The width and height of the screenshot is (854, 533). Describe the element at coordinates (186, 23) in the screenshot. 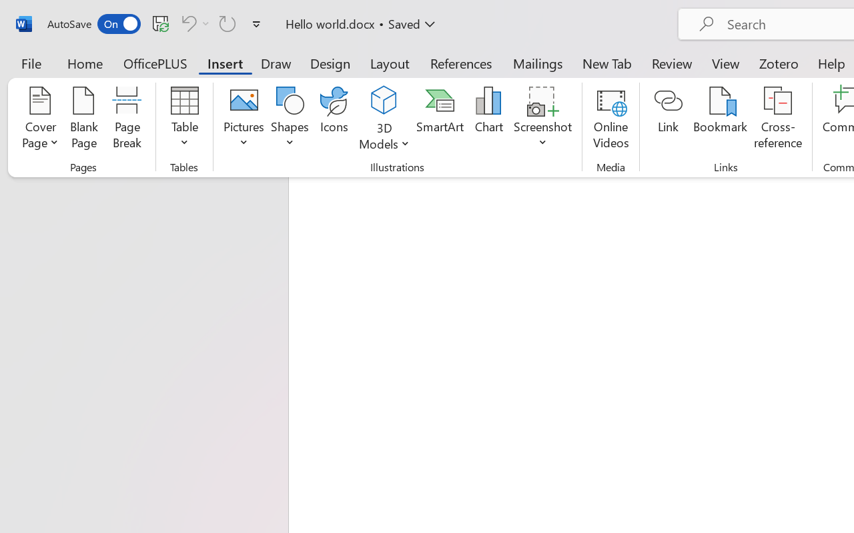

I see `'Can'` at that location.